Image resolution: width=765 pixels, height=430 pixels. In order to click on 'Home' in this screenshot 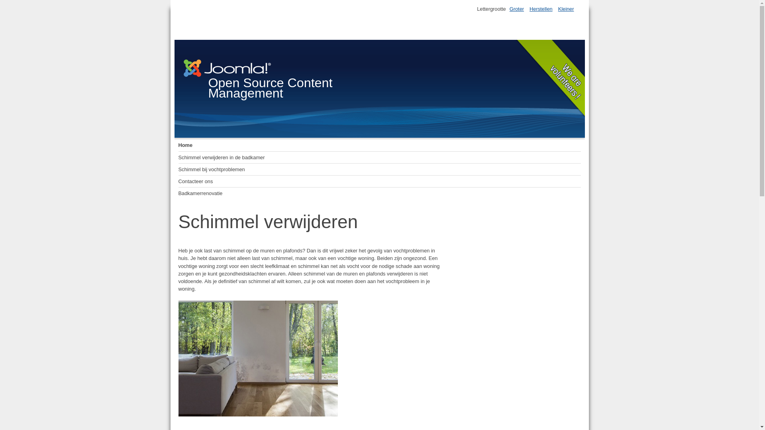, I will do `click(178, 145)`.